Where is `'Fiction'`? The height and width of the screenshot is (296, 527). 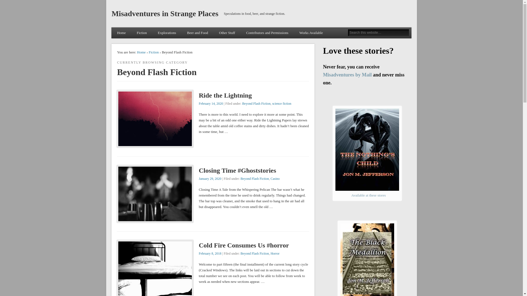
'Fiction' is located at coordinates (142, 33).